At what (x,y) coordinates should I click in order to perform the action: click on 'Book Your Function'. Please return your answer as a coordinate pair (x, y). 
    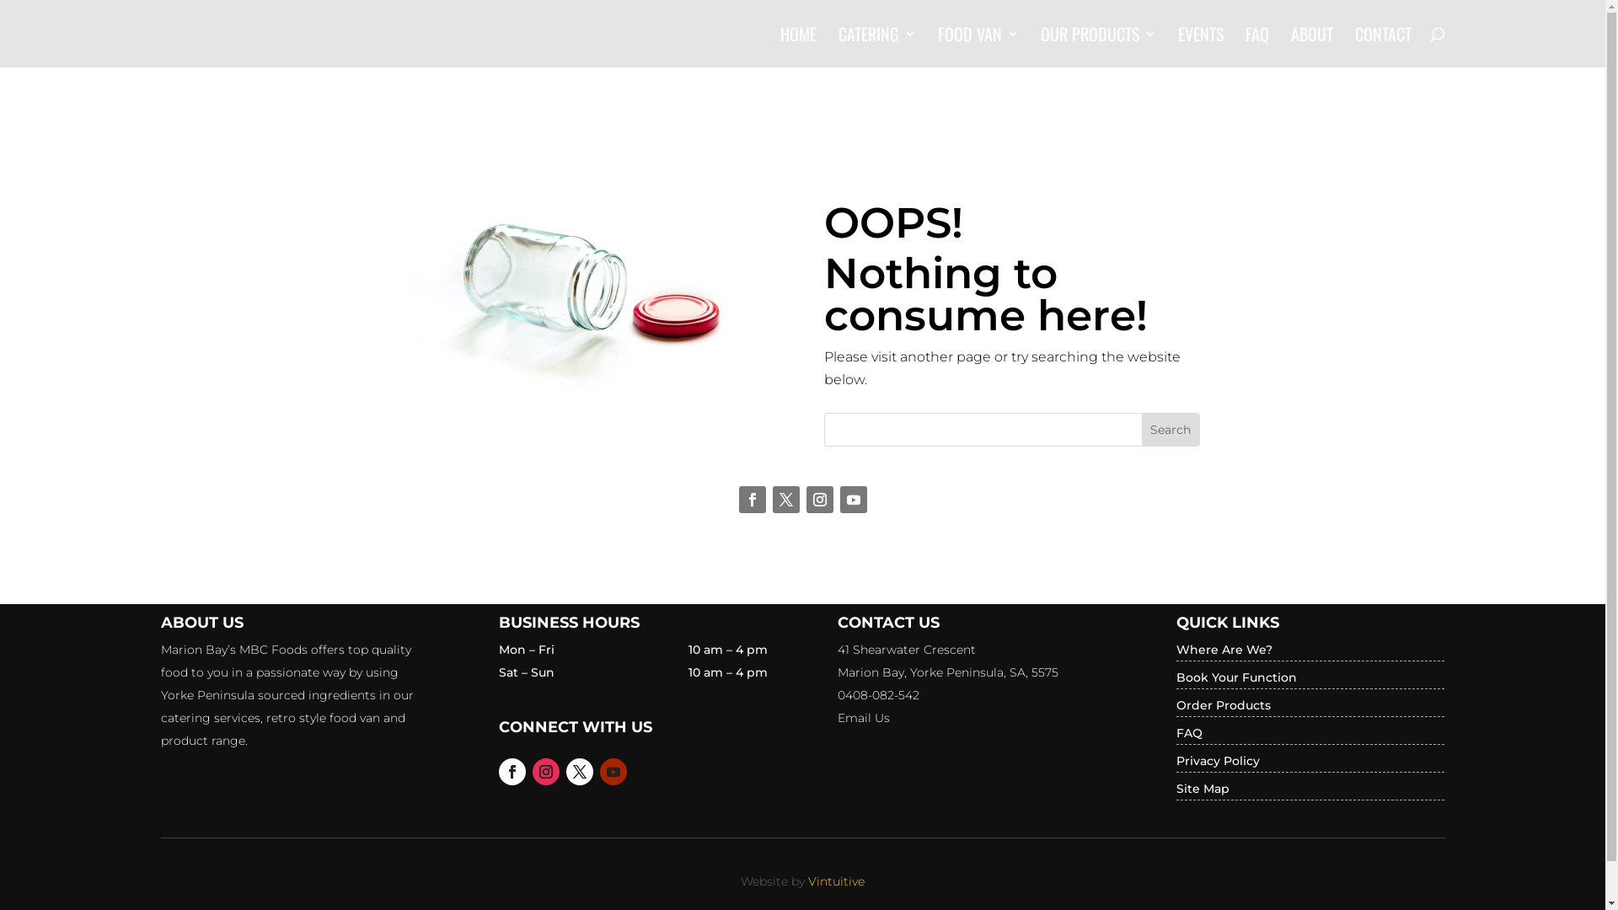
    Looking at the image, I should click on (1236, 676).